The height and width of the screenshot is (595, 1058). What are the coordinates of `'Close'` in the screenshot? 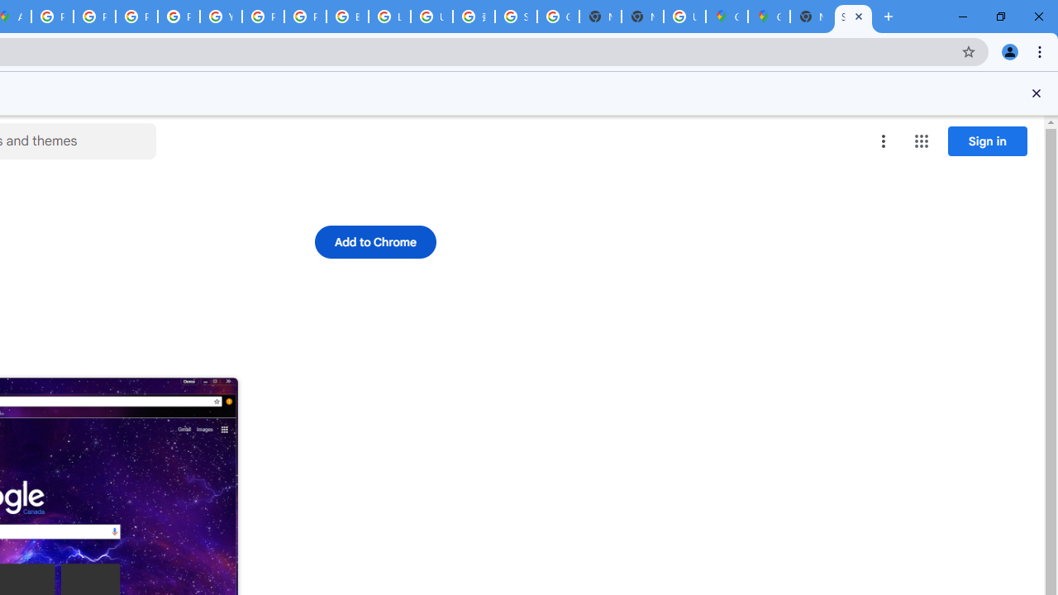 It's located at (1036, 93).